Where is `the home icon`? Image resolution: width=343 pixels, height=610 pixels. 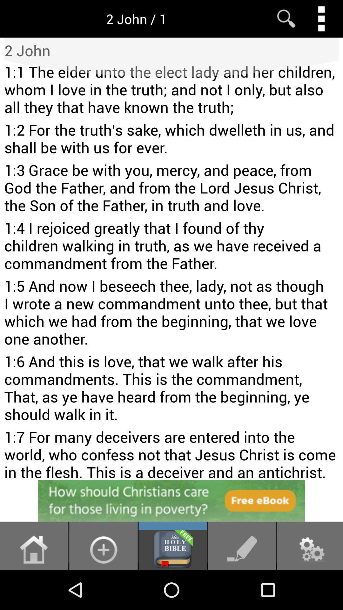 the home icon is located at coordinates (34, 588).